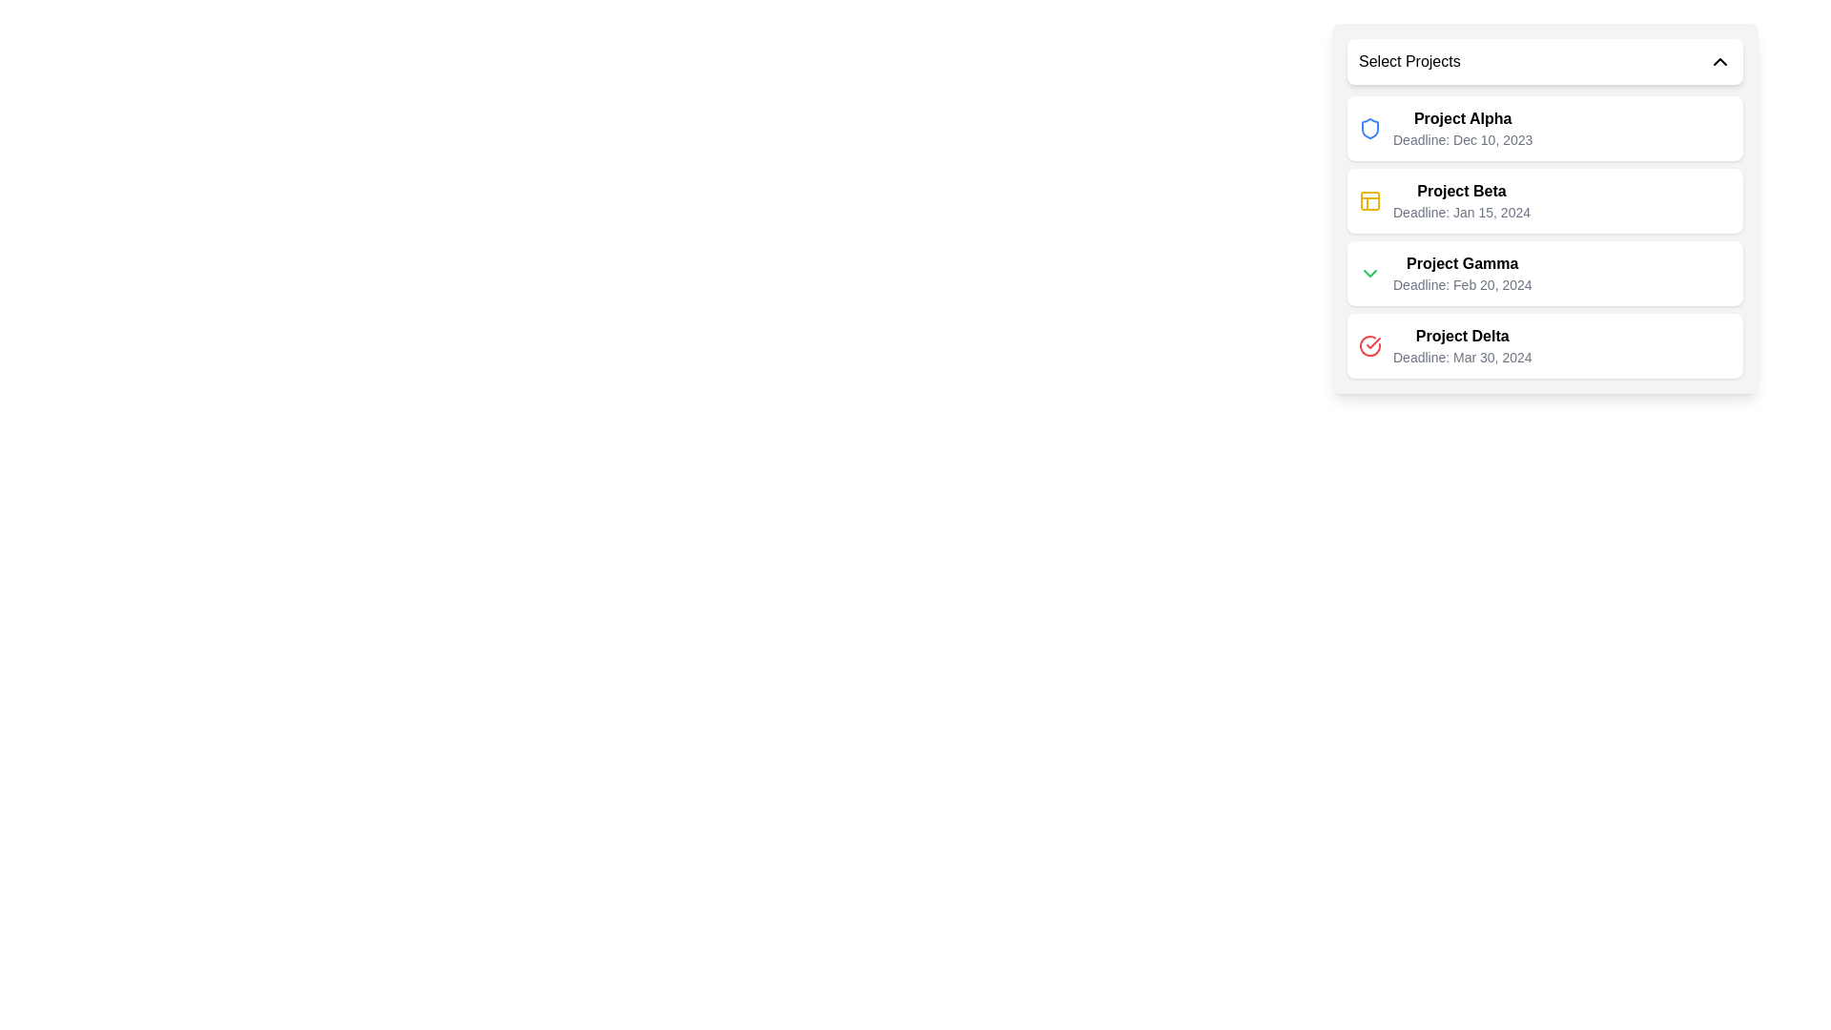 Image resolution: width=1831 pixels, height=1030 pixels. Describe the element at coordinates (1409, 61) in the screenshot. I see `the title Label that guides the user for the dropdown selection control` at that location.